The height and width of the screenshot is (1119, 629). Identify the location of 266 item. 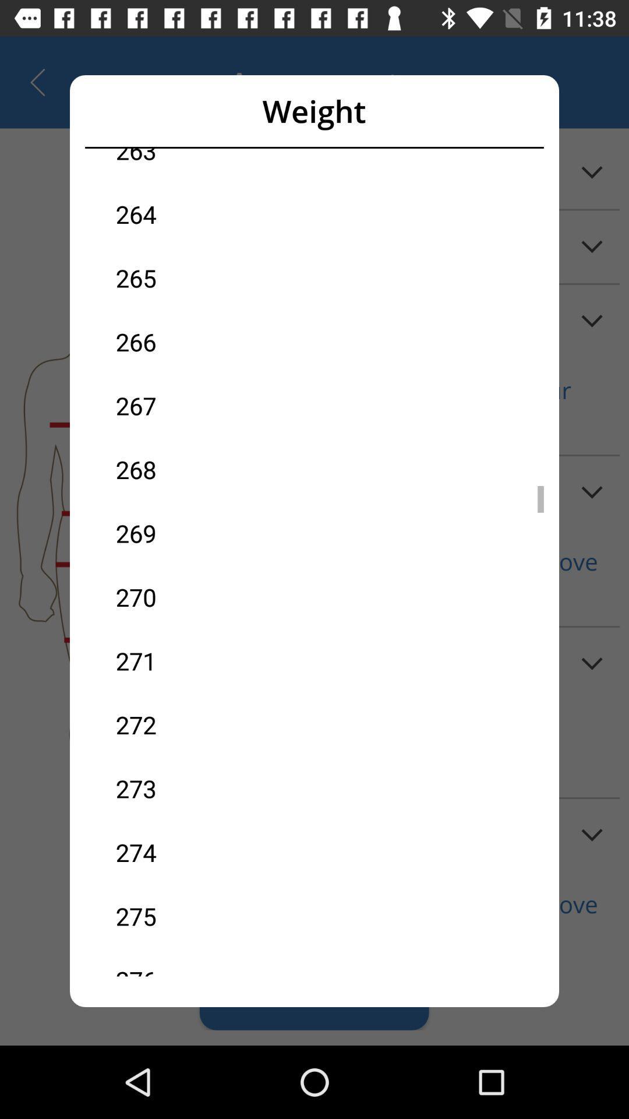
(215, 341).